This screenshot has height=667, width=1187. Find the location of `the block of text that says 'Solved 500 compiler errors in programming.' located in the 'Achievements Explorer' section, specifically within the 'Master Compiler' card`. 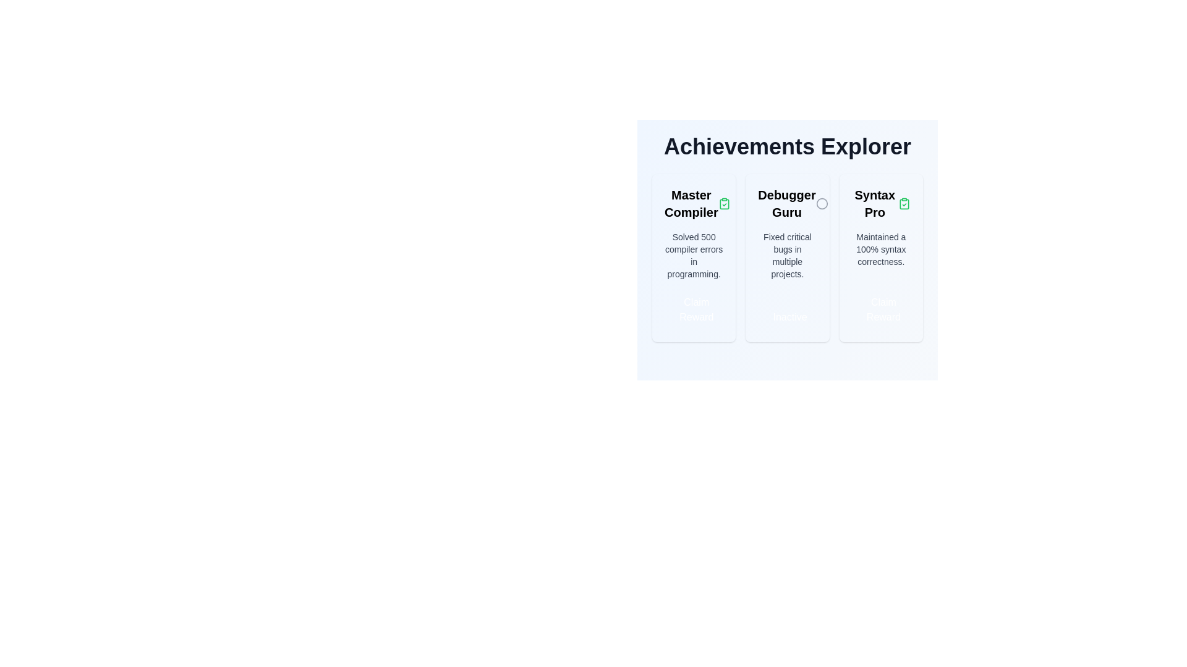

the block of text that says 'Solved 500 compiler errors in programming.' located in the 'Achievements Explorer' section, specifically within the 'Master Compiler' card is located at coordinates (694, 254).